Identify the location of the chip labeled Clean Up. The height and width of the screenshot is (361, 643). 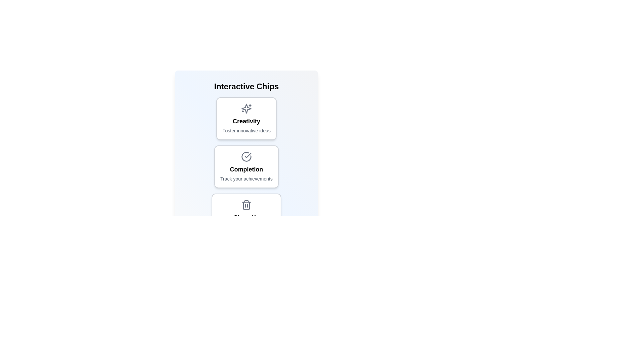
(246, 215).